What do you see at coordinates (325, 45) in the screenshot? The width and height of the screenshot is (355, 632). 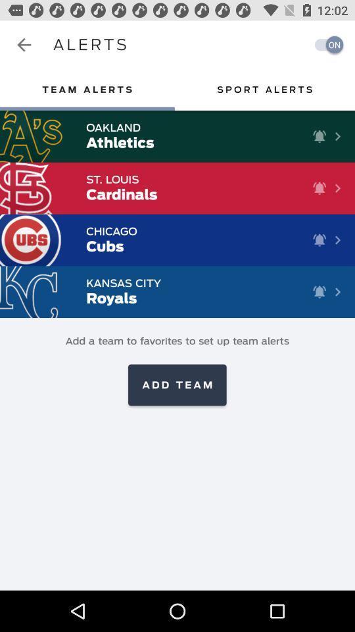 I see `the app to the right of alerts icon` at bounding box center [325, 45].